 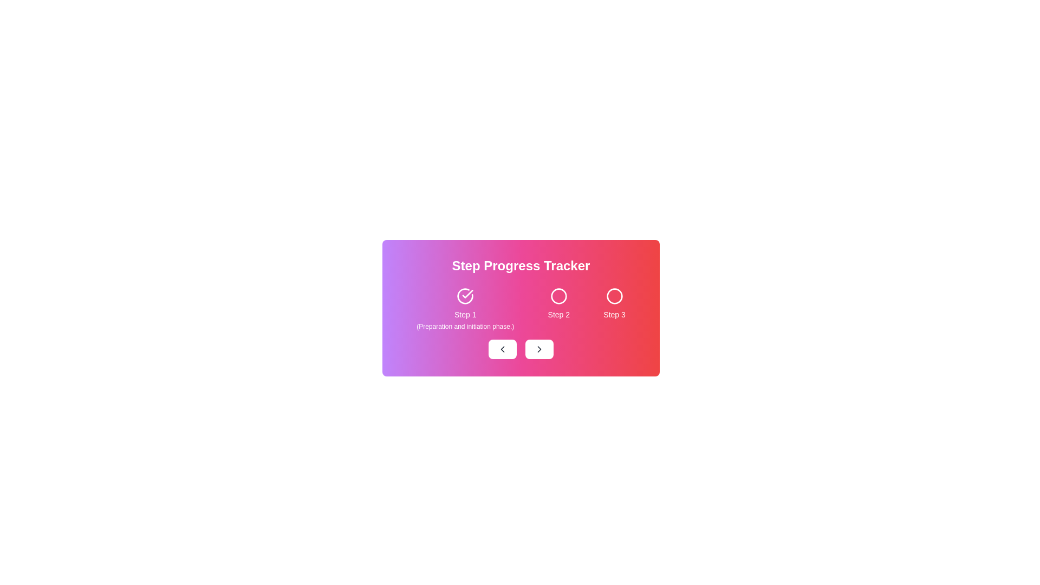 What do you see at coordinates (502, 349) in the screenshot?
I see `the leftward chevron-shaped arrow icon used for navigation in the bottom left of the horizontal step progress tracker interface` at bounding box center [502, 349].